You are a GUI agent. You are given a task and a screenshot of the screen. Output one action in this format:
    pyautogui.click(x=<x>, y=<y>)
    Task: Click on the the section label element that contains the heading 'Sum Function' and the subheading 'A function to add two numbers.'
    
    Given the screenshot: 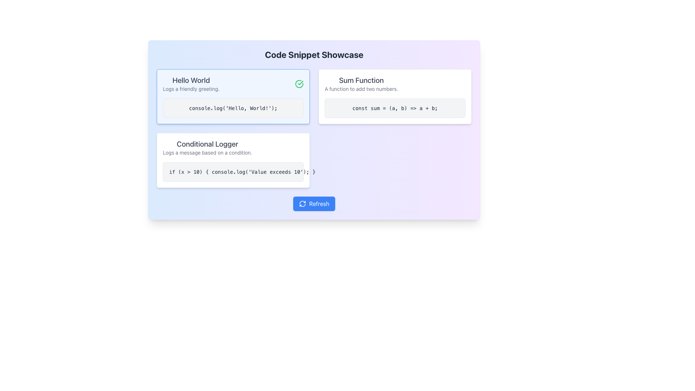 What is the action you would take?
    pyautogui.click(x=361, y=83)
    